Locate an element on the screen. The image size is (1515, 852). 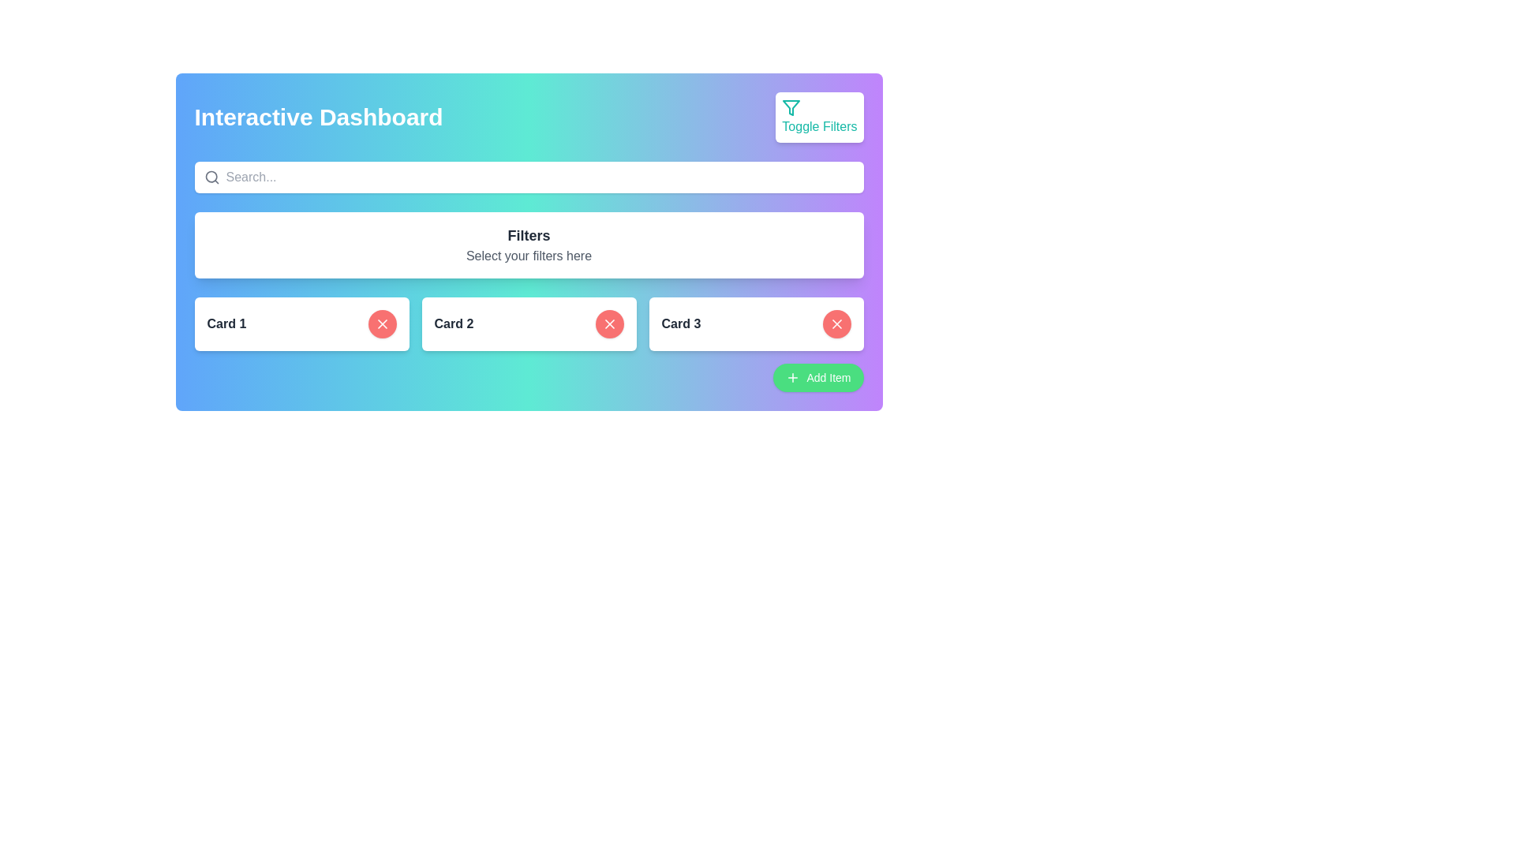
the triangular-shaped filter icon located beside the 'Toggle Filters' text in the top-right corner of the interface is located at coordinates (791, 107).